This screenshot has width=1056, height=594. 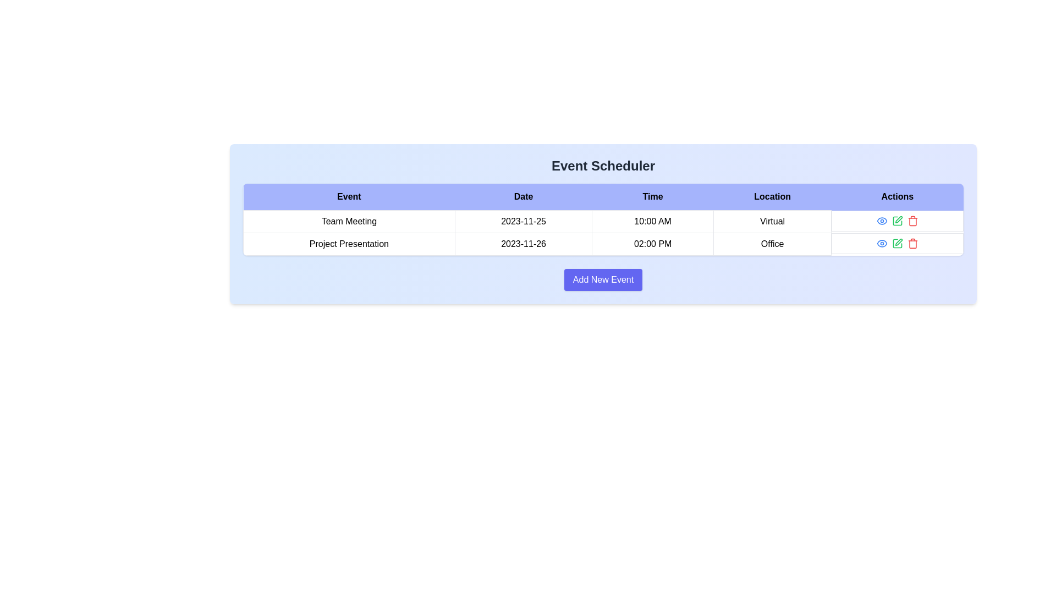 I want to click on the blue eye-shaped icon button in the 'Actions' column of the second row, so click(x=882, y=221).